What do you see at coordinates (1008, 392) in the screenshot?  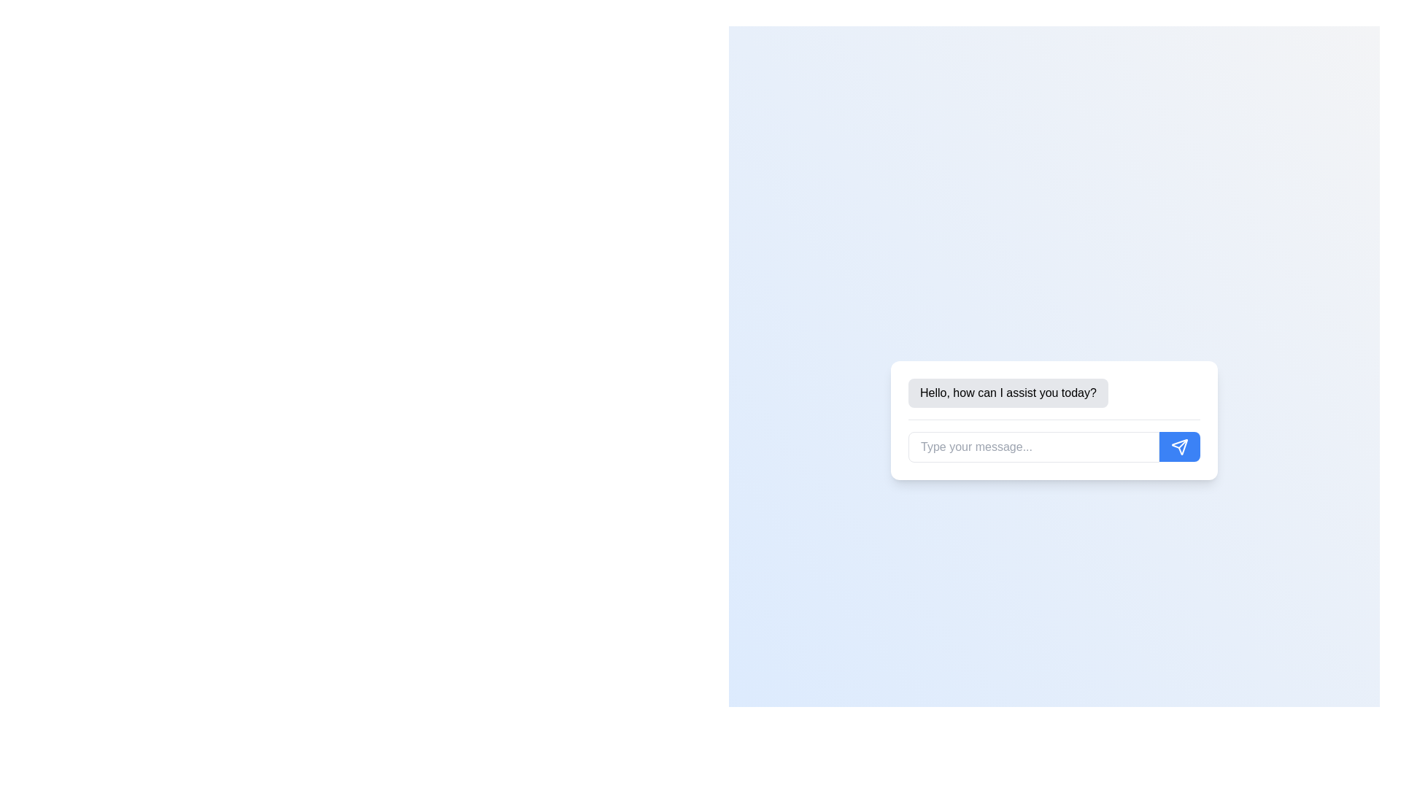 I see `text from the chatbot message displayed in the text bubble, which is positioned directly above the input field in the chat interface` at bounding box center [1008, 392].